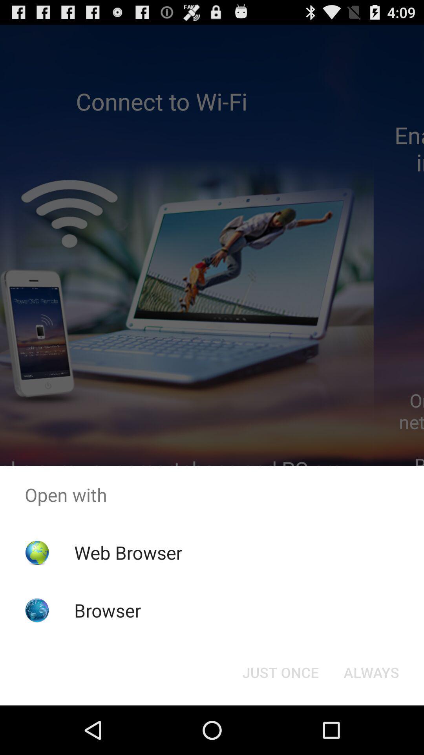 The width and height of the screenshot is (424, 755). What do you see at coordinates (280, 672) in the screenshot?
I see `the just once button` at bounding box center [280, 672].